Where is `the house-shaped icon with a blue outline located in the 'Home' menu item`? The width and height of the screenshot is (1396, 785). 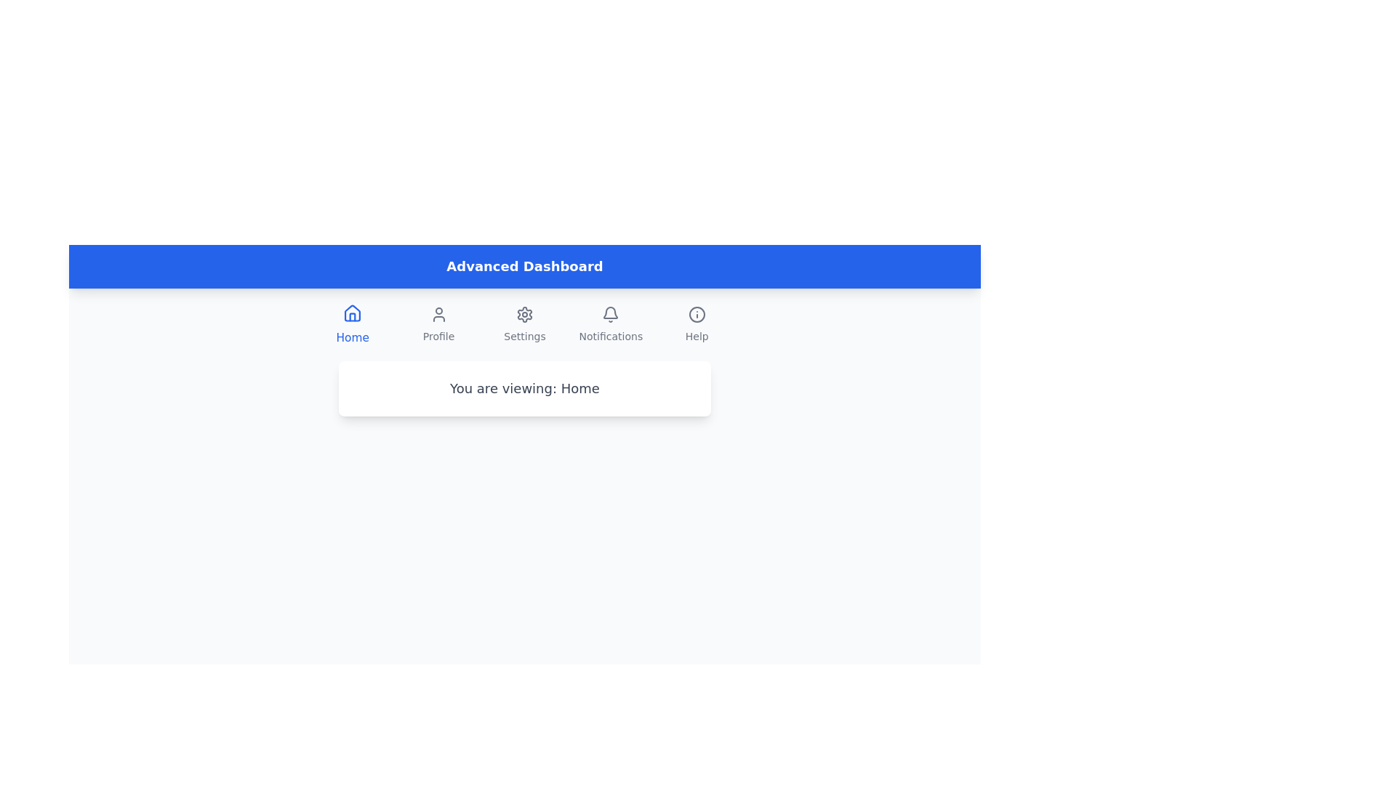
the house-shaped icon with a blue outline located in the 'Home' menu item is located at coordinates (353, 313).